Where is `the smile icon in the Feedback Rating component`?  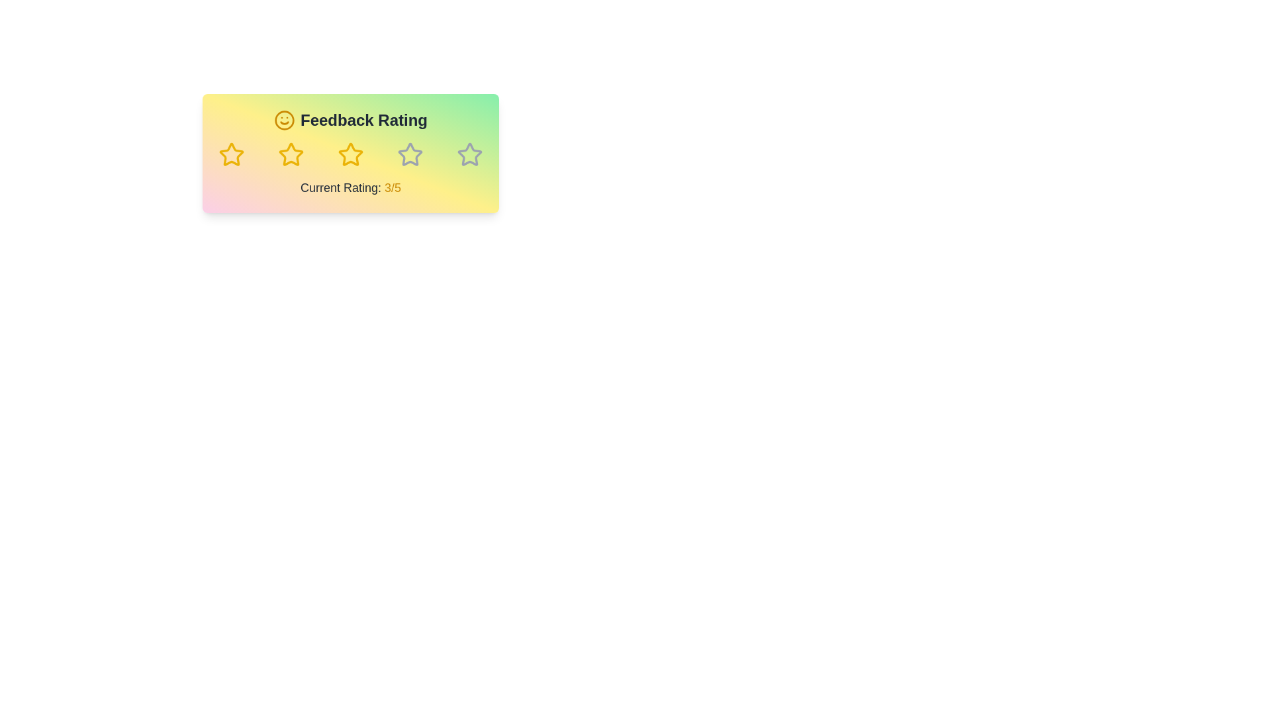 the smile icon in the Feedback Rating component is located at coordinates (283, 120).